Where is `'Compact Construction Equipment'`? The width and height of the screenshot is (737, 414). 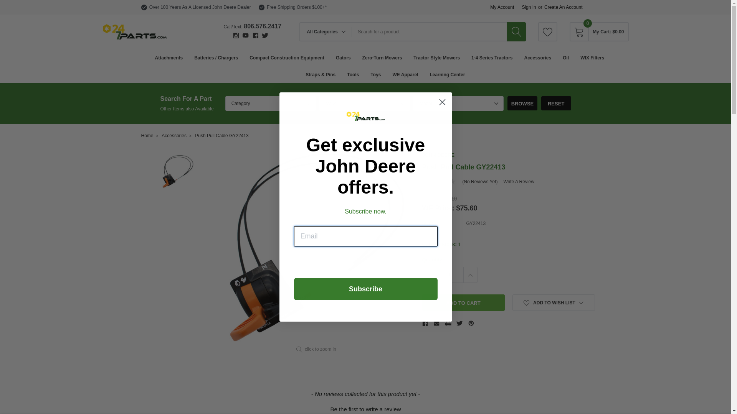
'Compact Construction Equipment' is located at coordinates (286, 57).